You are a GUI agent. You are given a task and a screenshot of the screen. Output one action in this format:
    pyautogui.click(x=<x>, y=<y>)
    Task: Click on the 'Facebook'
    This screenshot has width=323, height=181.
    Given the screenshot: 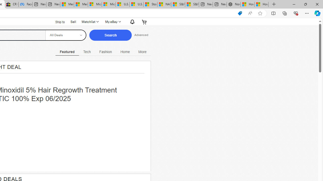 What is the action you would take?
    pyautogui.click(x=25, y=4)
    